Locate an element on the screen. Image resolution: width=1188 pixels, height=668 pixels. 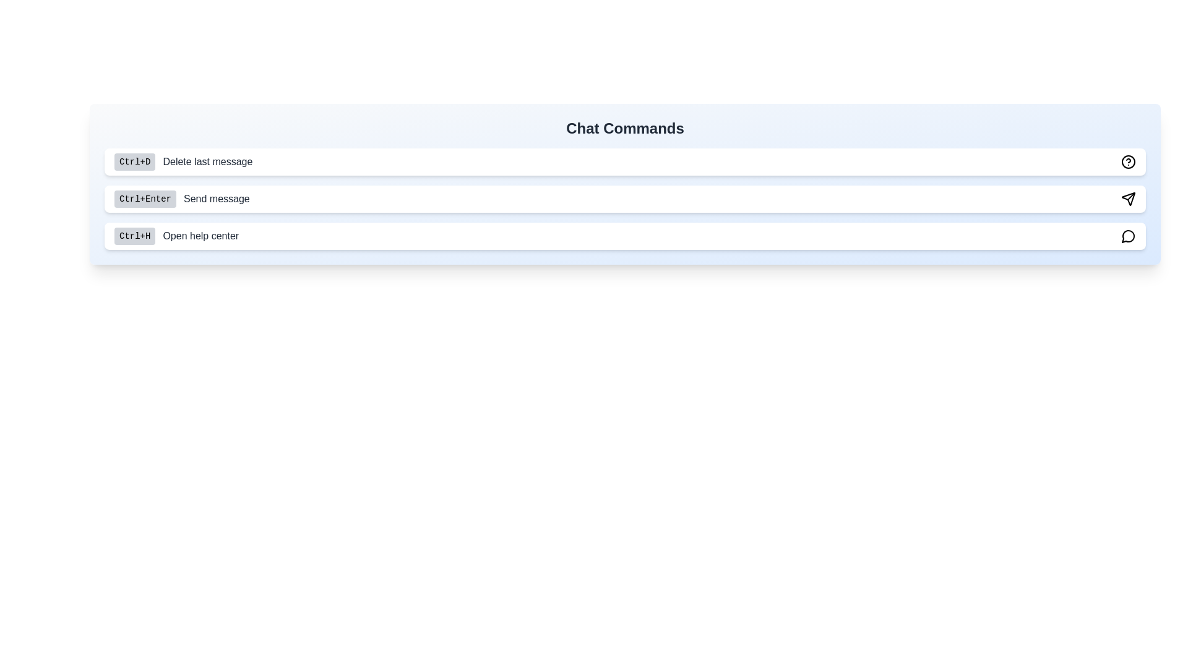
the informational text element that displays the key combination 'Ctrl+H' along with the label 'Open help center', which is the third item in a list of command shortcut descriptions is located at coordinates (176, 236).